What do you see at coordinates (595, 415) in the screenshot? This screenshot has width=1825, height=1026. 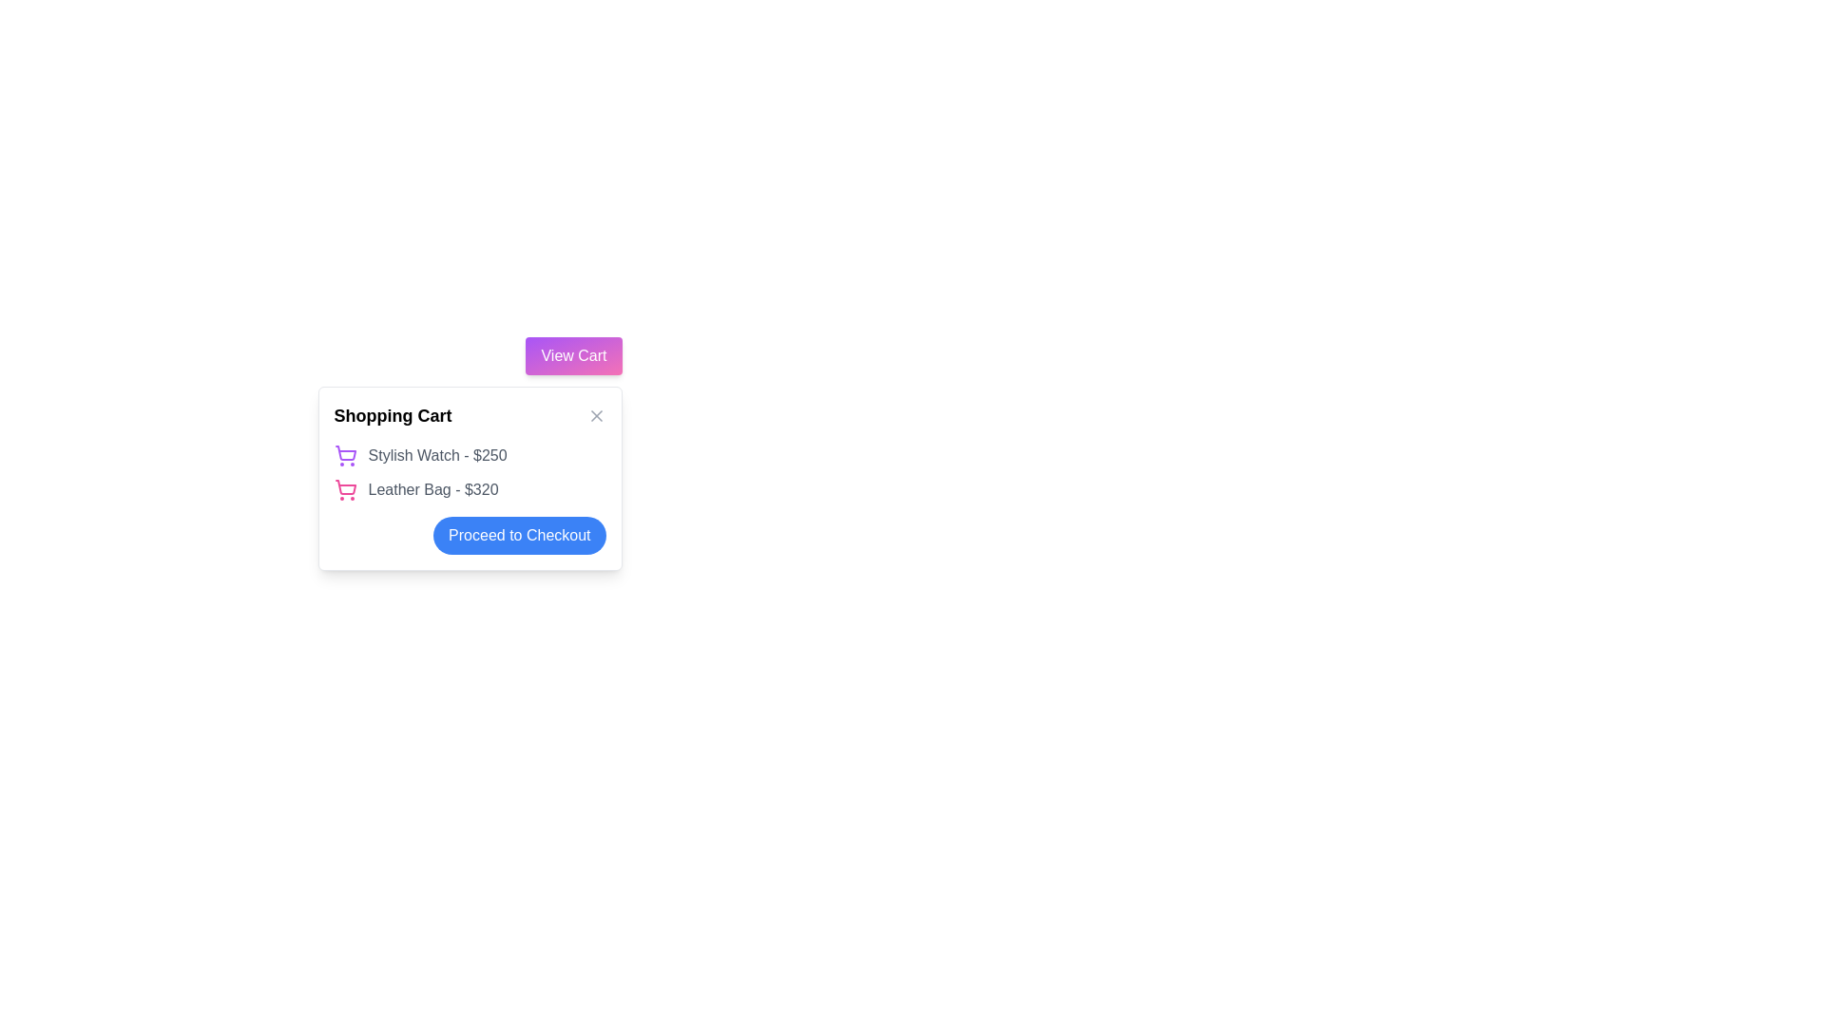 I see `the close button located at the top-right corner of the 'Shopping Cart' interface to trigger the hover effect` at bounding box center [595, 415].